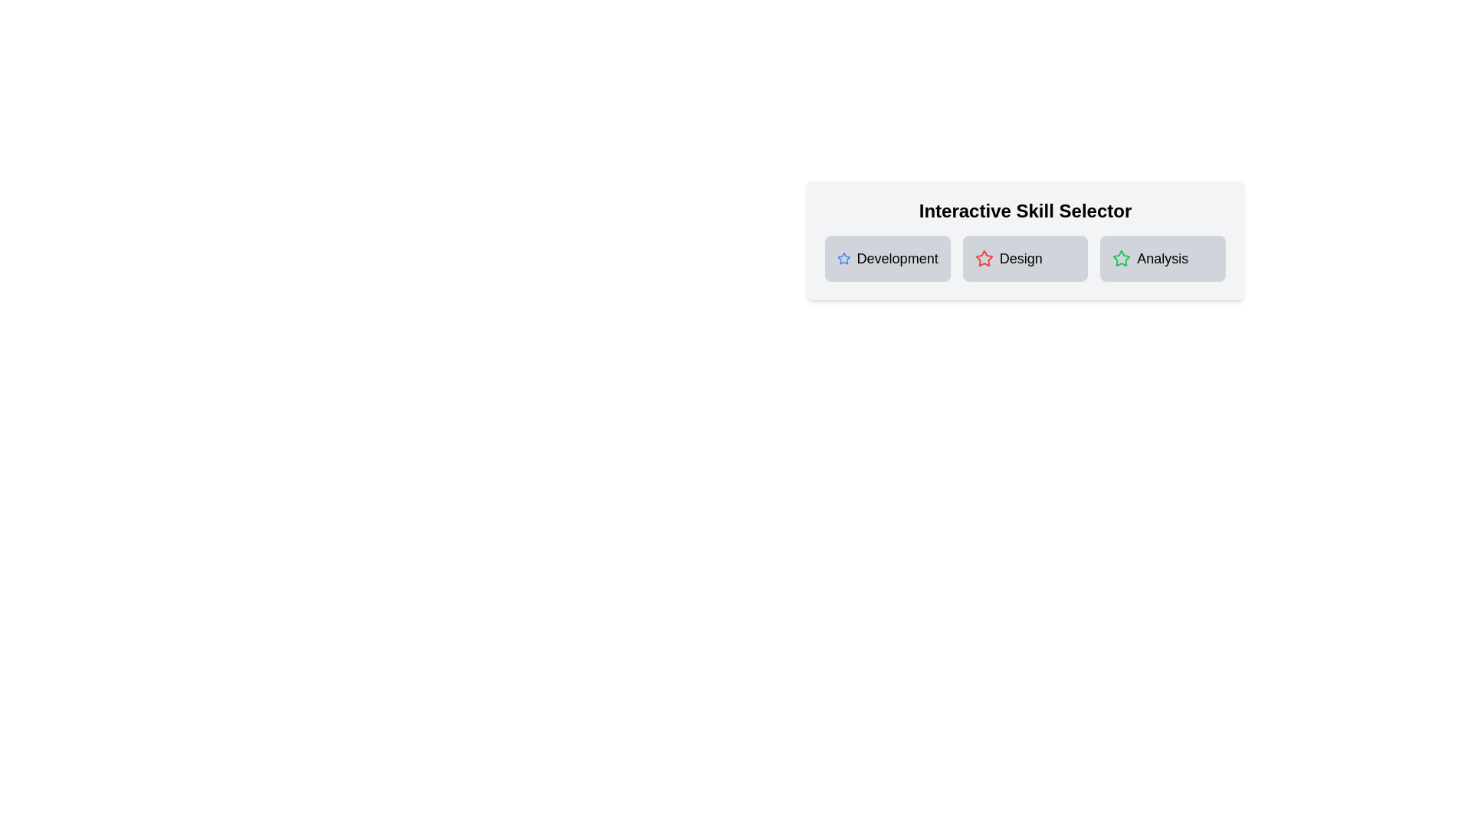  What do you see at coordinates (887, 258) in the screenshot?
I see `the skill card to toggle its selection state. Specify the skill name as Development` at bounding box center [887, 258].